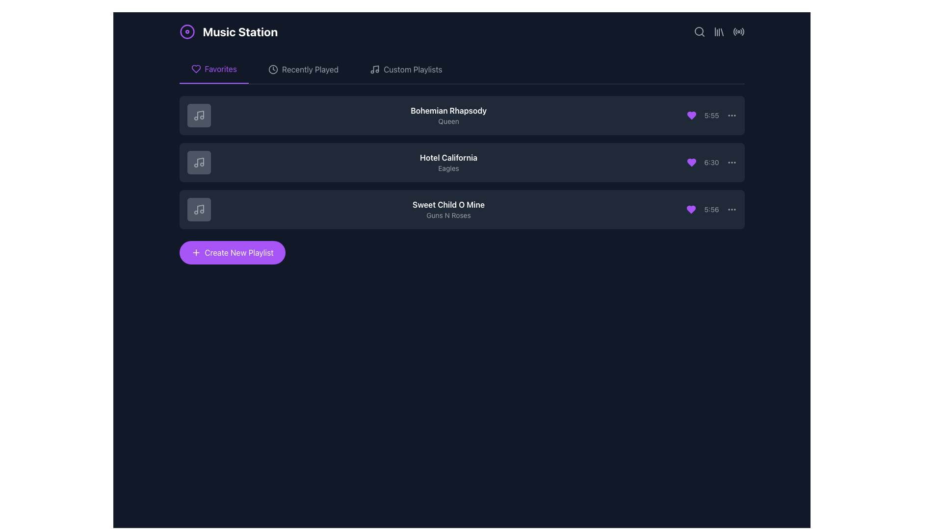  I want to click on the purple filled heart icon located to the left of the time '5:55', so click(691, 115).